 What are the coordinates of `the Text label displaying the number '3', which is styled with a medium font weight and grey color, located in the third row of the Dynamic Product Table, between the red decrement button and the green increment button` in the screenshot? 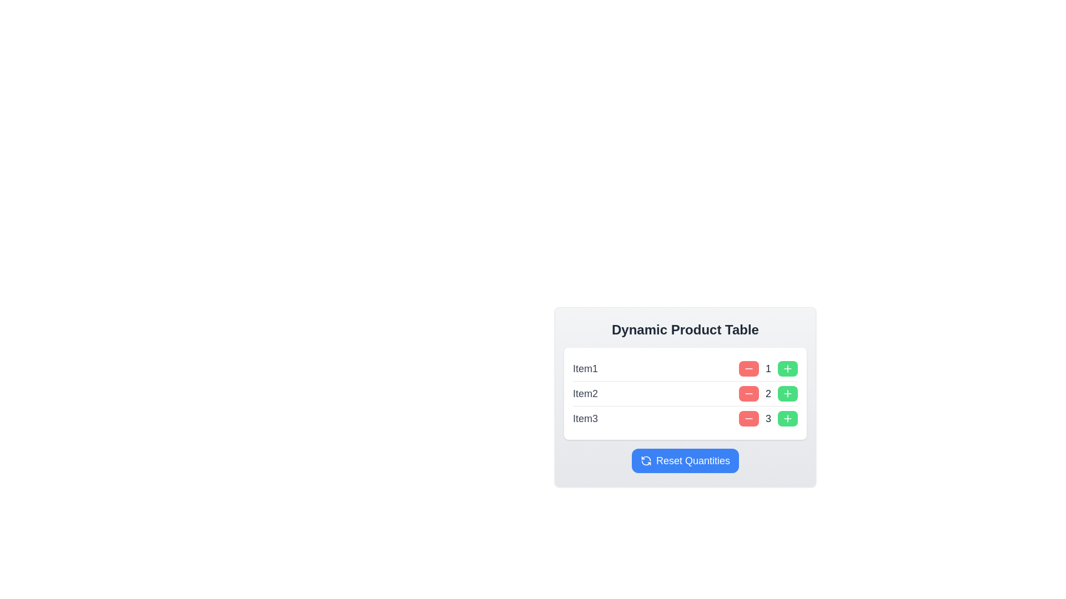 It's located at (767, 419).